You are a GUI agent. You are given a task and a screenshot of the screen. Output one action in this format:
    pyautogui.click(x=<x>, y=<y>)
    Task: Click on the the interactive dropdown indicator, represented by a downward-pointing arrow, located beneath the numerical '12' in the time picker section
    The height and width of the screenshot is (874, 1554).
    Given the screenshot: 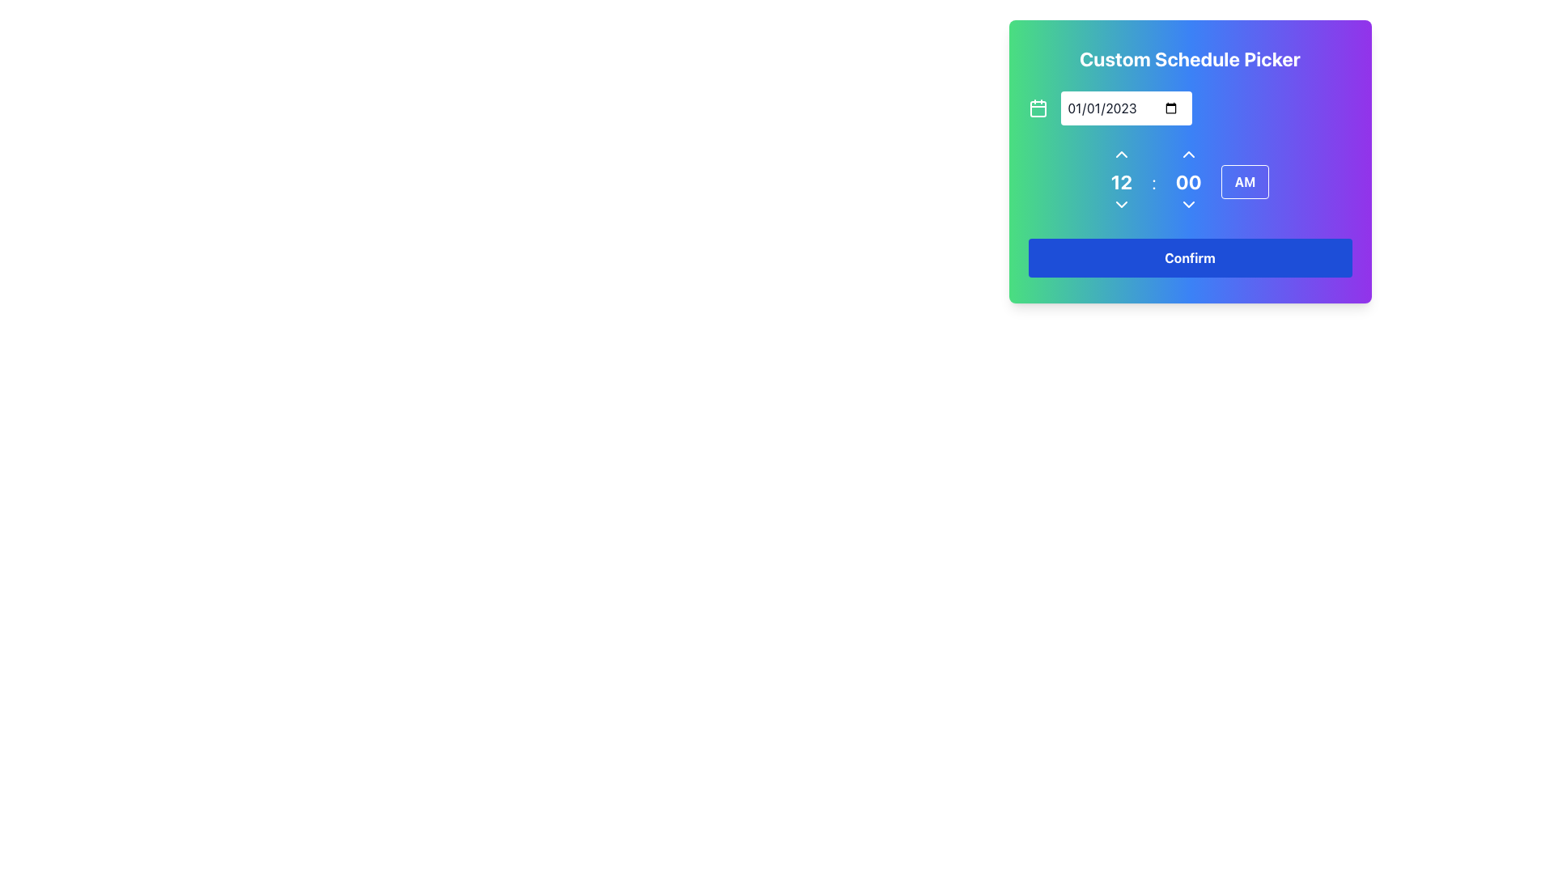 What is the action you would take?
    pyautogui.click(x=1120, y=204)
    